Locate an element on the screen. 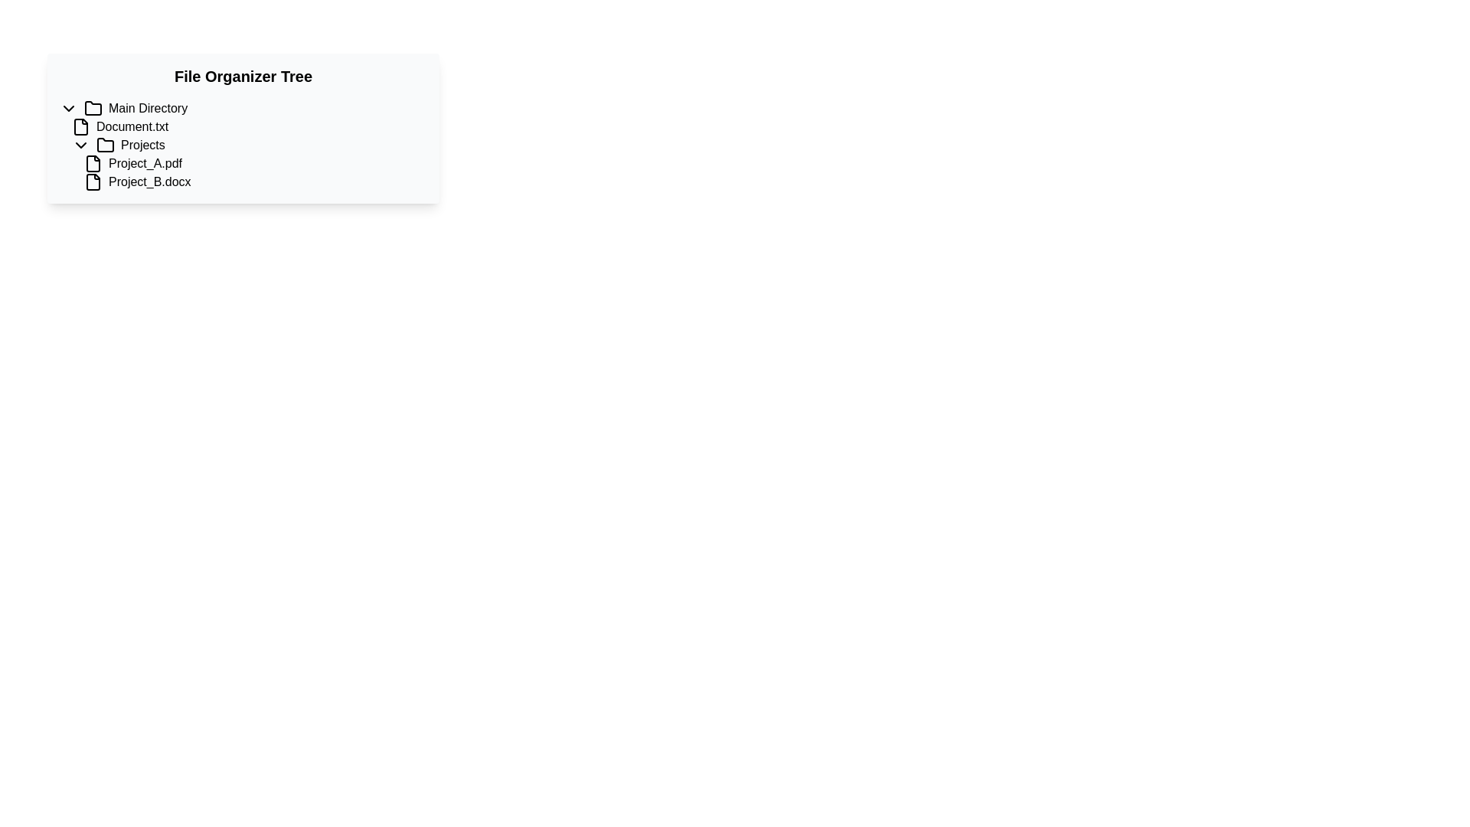 The height and width of the screenshot is (827, 1470). the text label for 'Project_A.pdf' in the directory listing is located at coordinates (145, 163).